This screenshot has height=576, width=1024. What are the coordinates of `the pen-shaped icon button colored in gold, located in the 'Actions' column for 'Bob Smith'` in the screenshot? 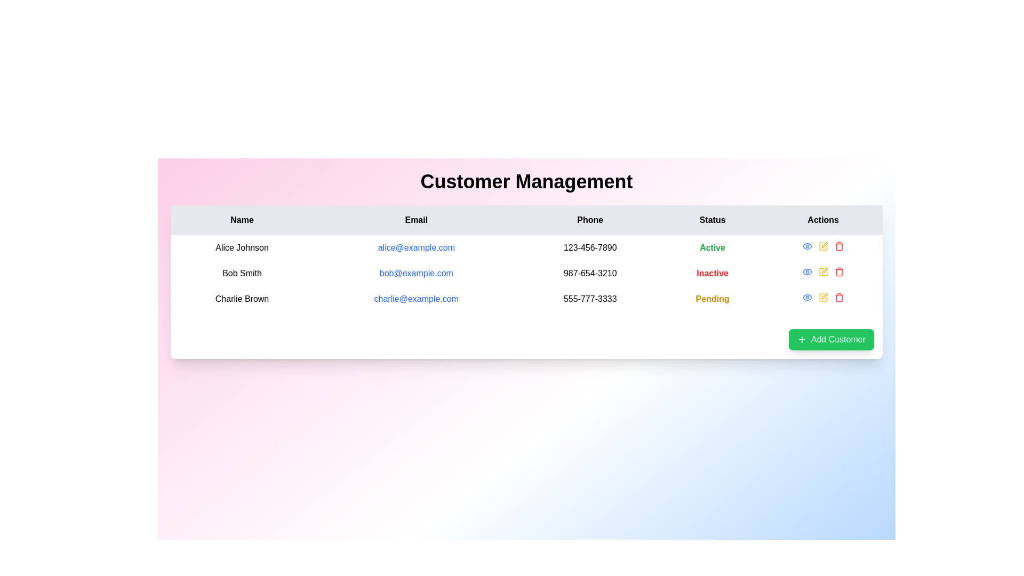 It's located at (823, 245).